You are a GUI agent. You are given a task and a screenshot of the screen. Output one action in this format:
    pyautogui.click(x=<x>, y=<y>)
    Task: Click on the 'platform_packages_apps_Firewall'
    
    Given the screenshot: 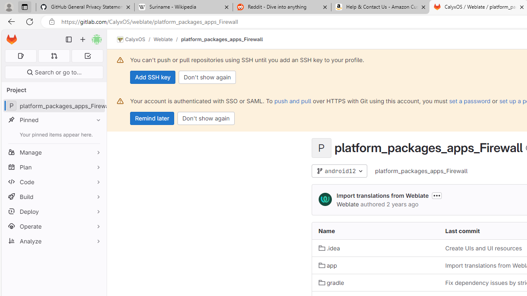 What is the action you would take?
    pyautogui.click(x=422, y=171)
    